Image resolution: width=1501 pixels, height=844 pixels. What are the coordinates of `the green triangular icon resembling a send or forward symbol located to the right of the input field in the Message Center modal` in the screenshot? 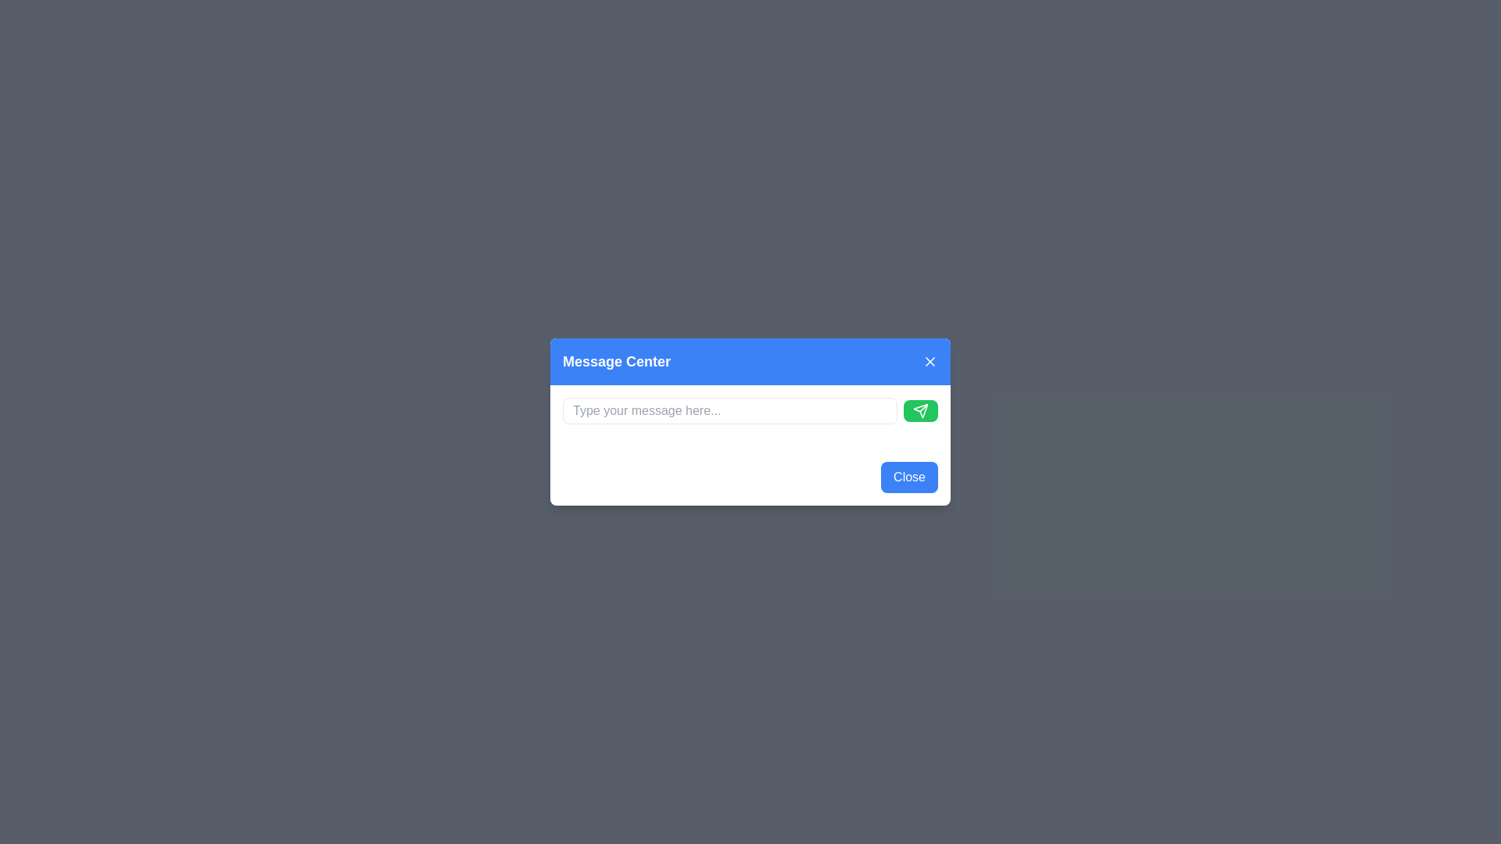 It's located at (920, 409).